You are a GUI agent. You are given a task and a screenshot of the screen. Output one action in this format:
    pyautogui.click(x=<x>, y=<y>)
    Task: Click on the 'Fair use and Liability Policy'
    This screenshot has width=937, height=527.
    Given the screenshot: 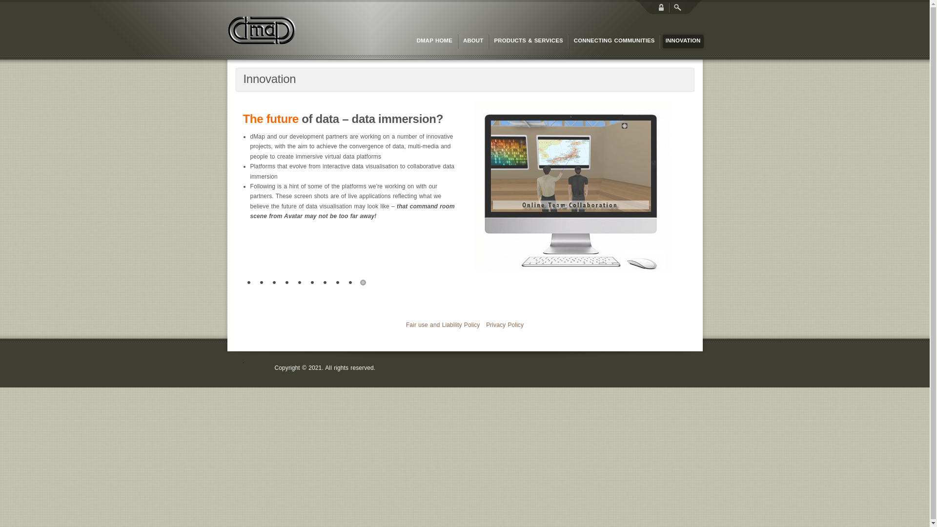 What is the action you would take?
    pyautogui.click(x=442, y=325)
    